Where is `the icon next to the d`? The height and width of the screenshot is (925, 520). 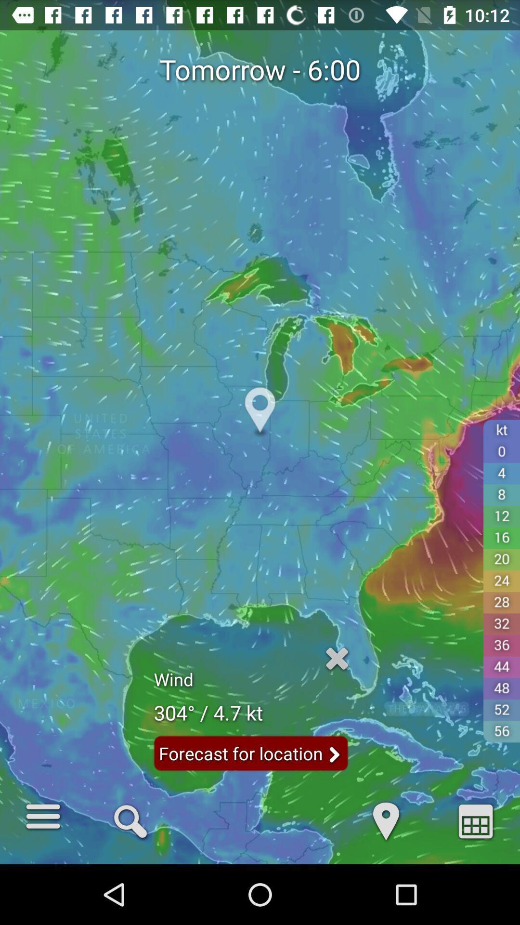 the icon next to the d is located at coordinates (475, 820).